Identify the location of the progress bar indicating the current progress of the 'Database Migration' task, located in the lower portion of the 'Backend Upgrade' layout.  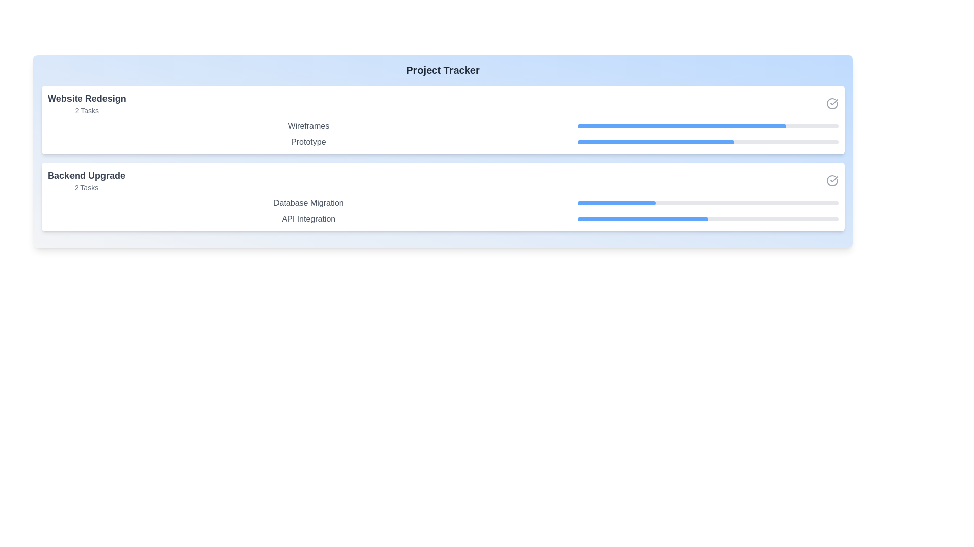
(707, 203).